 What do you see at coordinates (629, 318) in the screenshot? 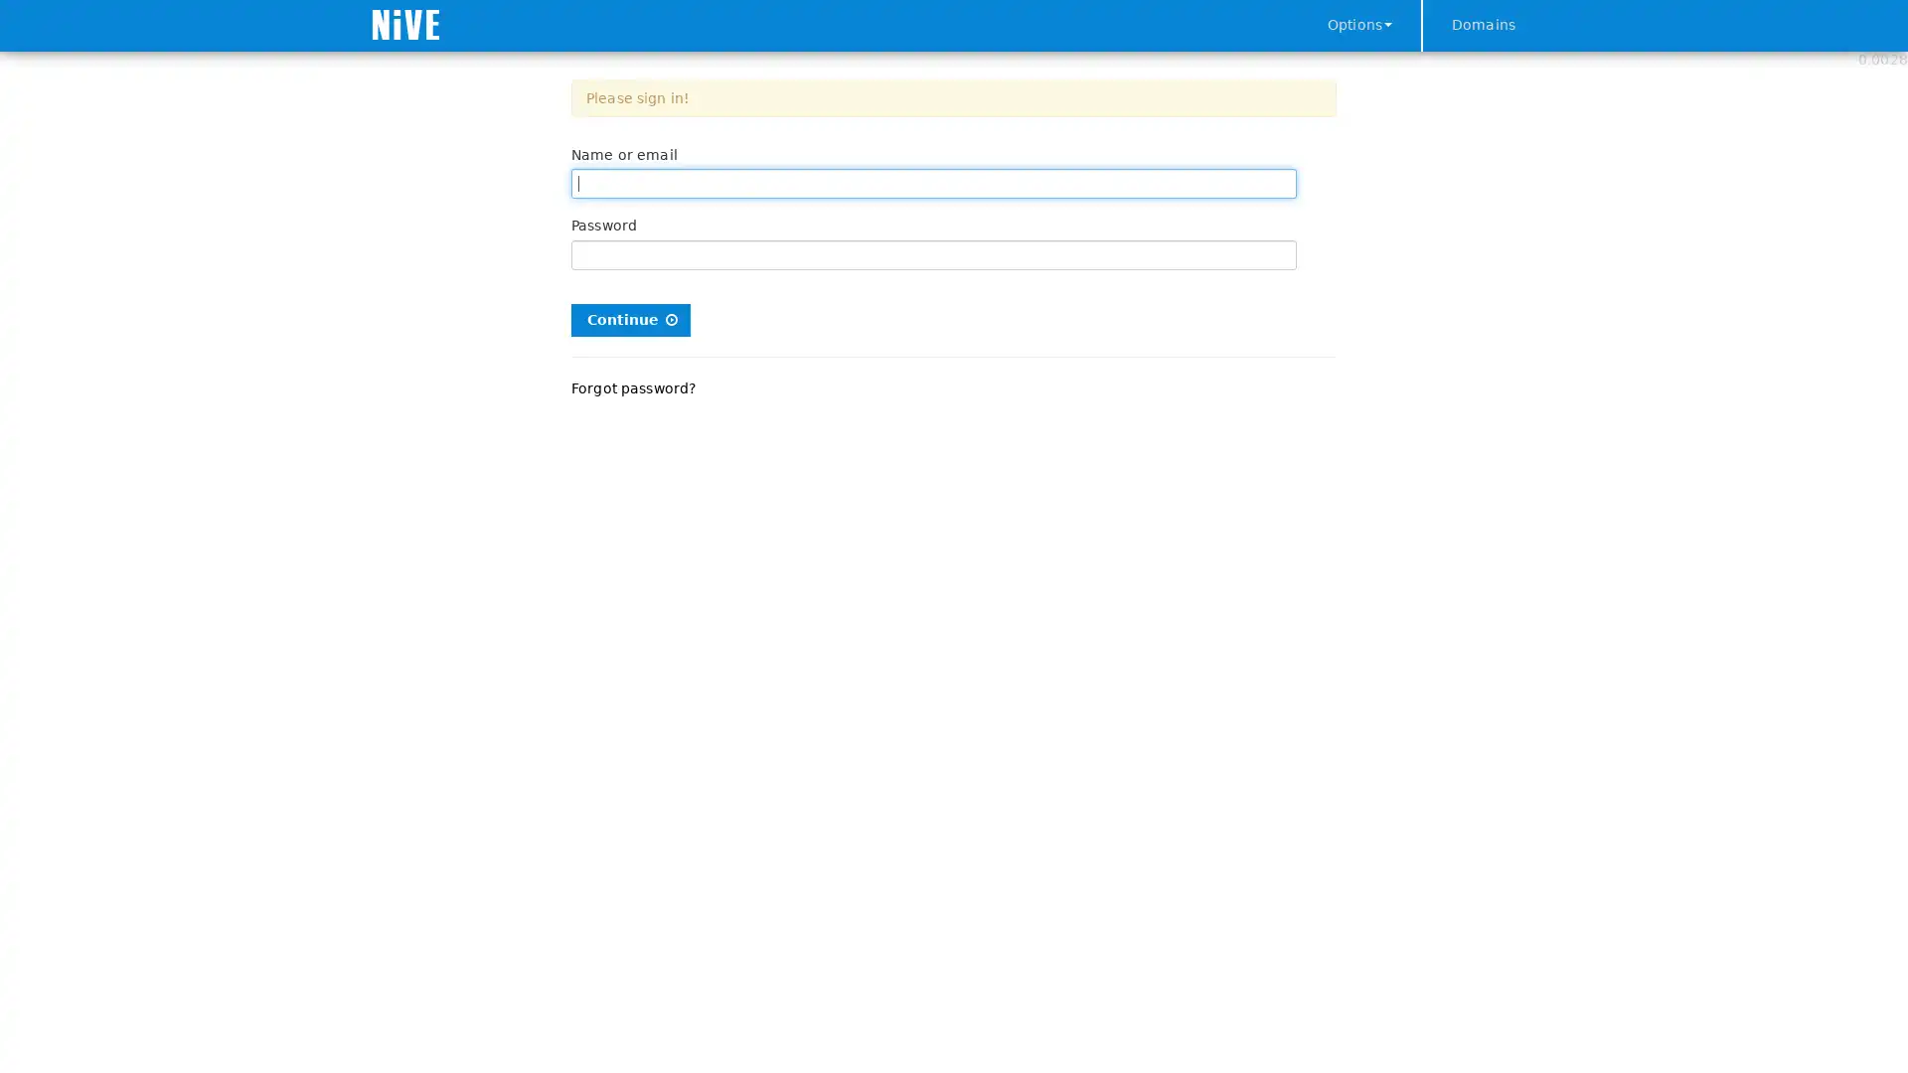
I see `Continue` at bounding box center [629, 318].